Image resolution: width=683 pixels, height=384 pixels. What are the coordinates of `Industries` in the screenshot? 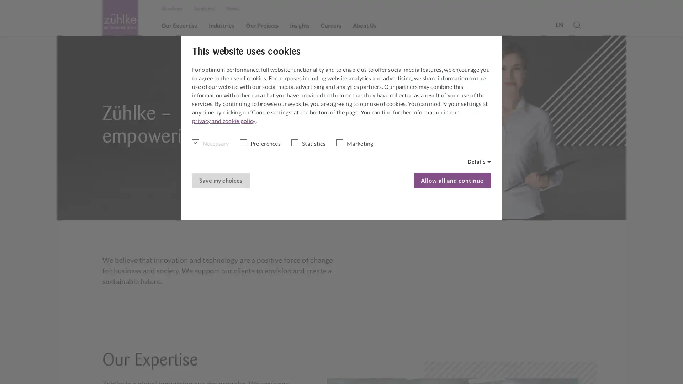 It's located at (221, 25).